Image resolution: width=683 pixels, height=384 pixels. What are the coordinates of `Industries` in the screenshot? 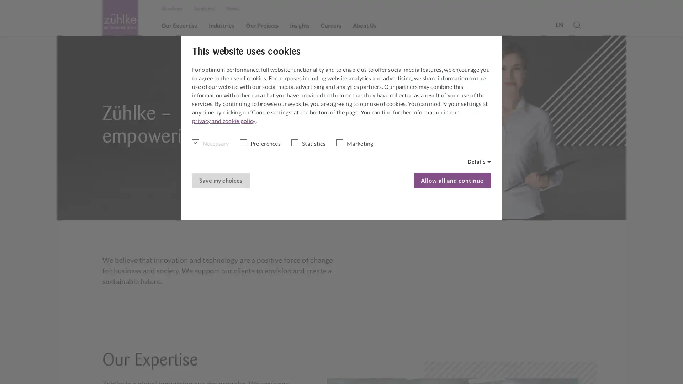 It's located at (221, 25).